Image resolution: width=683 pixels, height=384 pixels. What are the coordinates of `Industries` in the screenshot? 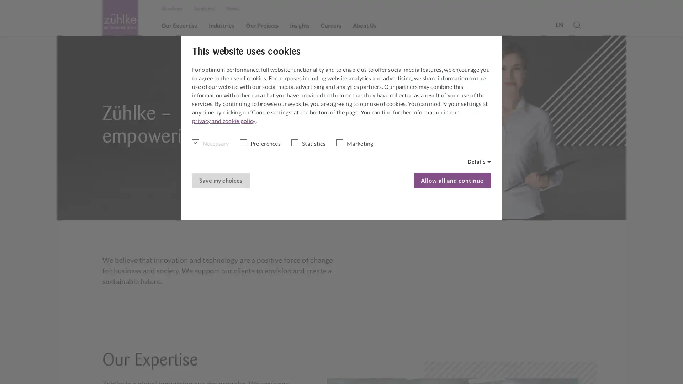 It's located at (221, 25).